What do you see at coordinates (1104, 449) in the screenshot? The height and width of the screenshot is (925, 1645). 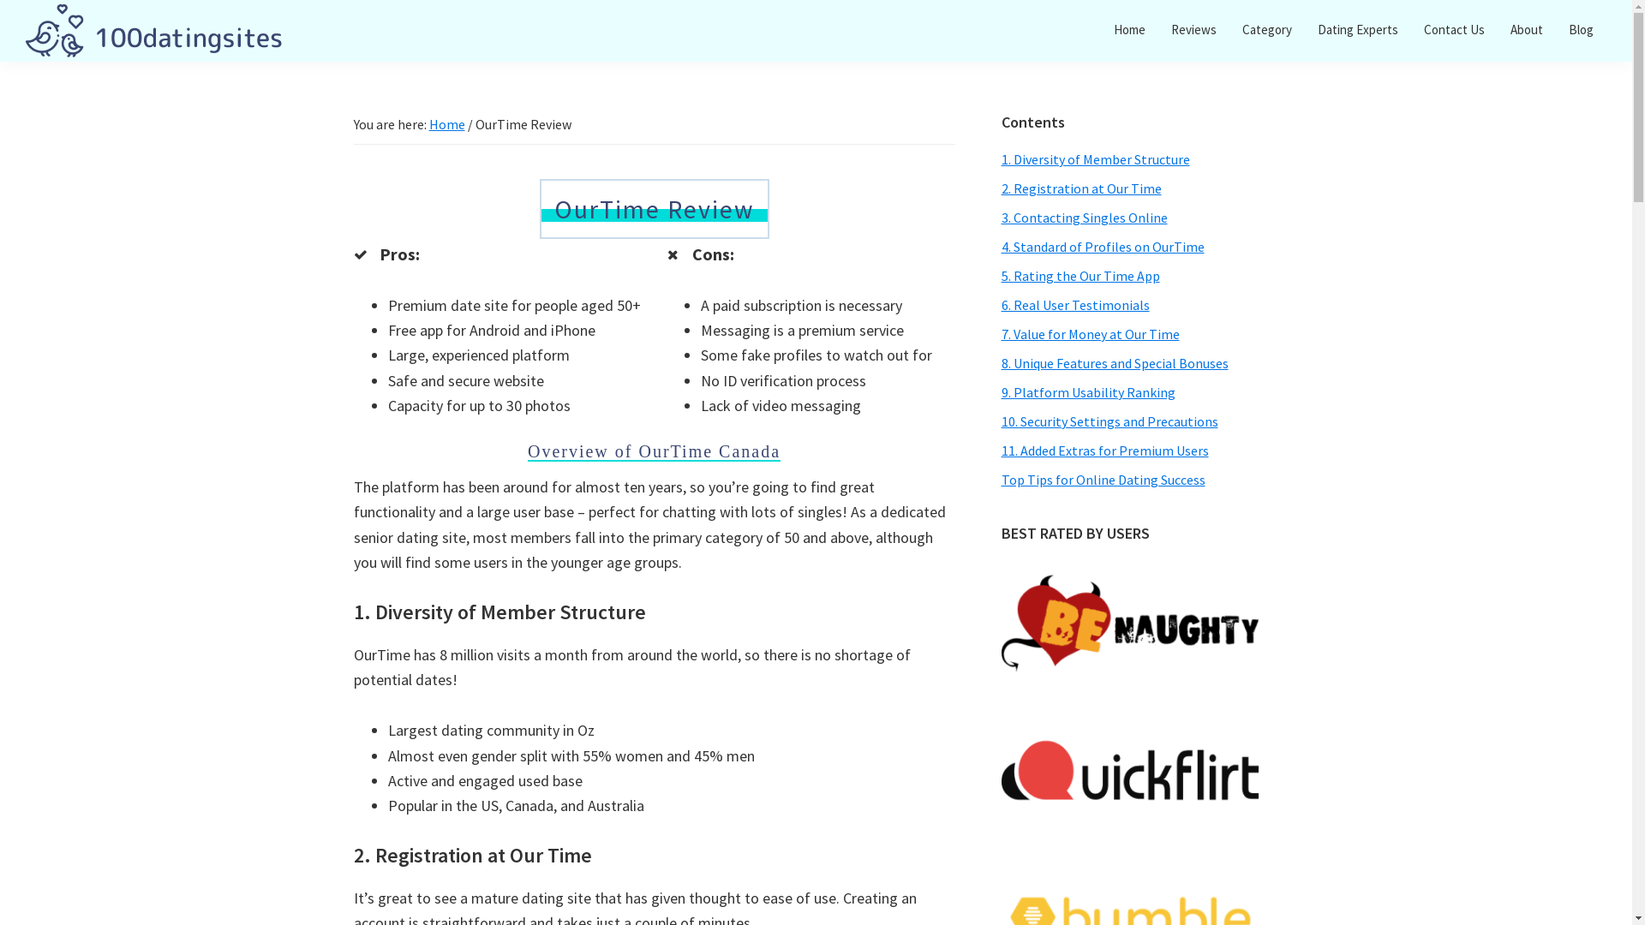 I see `'11. Added Extras for Premium Users'` at bounding box center [1104, 449].